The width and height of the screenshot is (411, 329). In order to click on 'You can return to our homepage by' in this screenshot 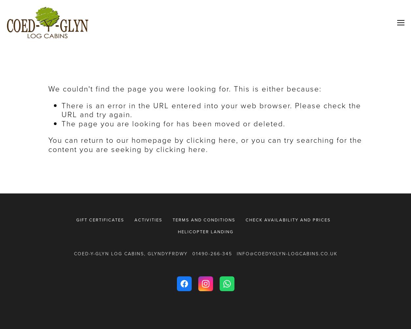, I will do `click(117, 140)`.